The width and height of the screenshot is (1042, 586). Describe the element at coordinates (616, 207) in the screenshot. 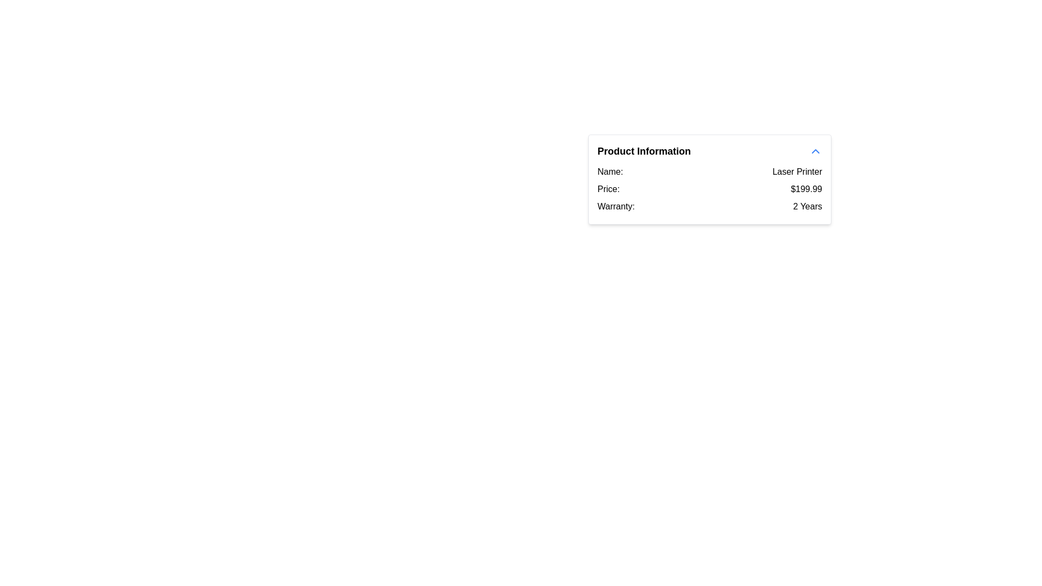

I see `the Text Label that identifies the warranty information, located beneath the 'Price:' label and aligned with its value on the right` at that location.